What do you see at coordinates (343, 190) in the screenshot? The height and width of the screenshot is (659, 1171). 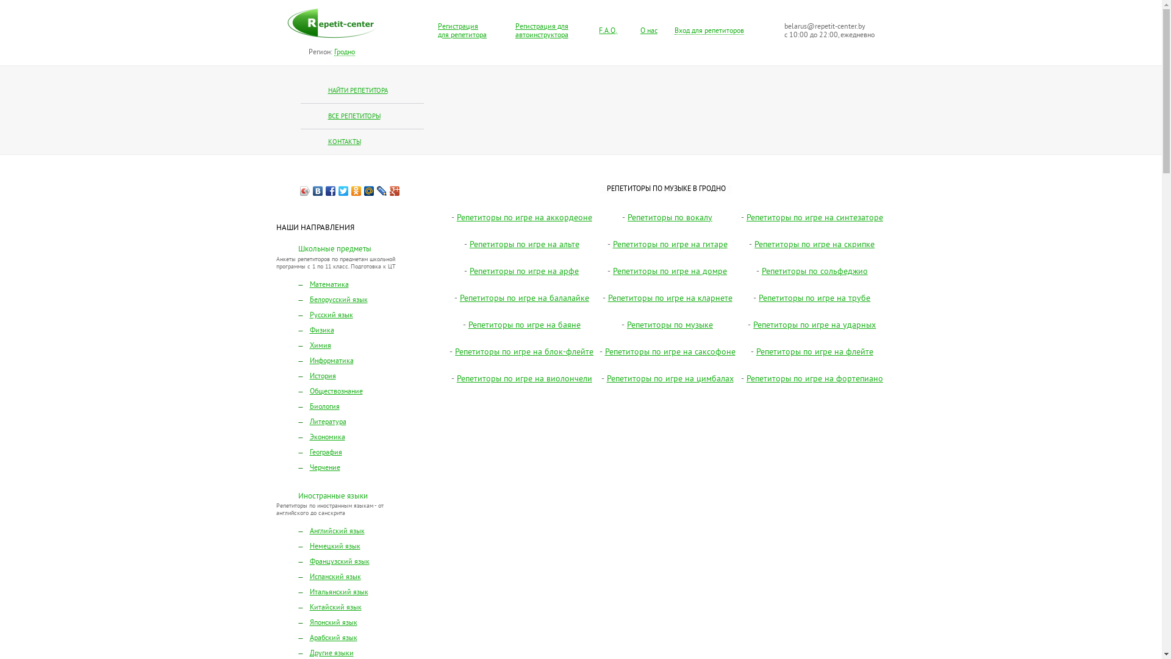 I see `'Twitter'` at bounding box center [343, 190].